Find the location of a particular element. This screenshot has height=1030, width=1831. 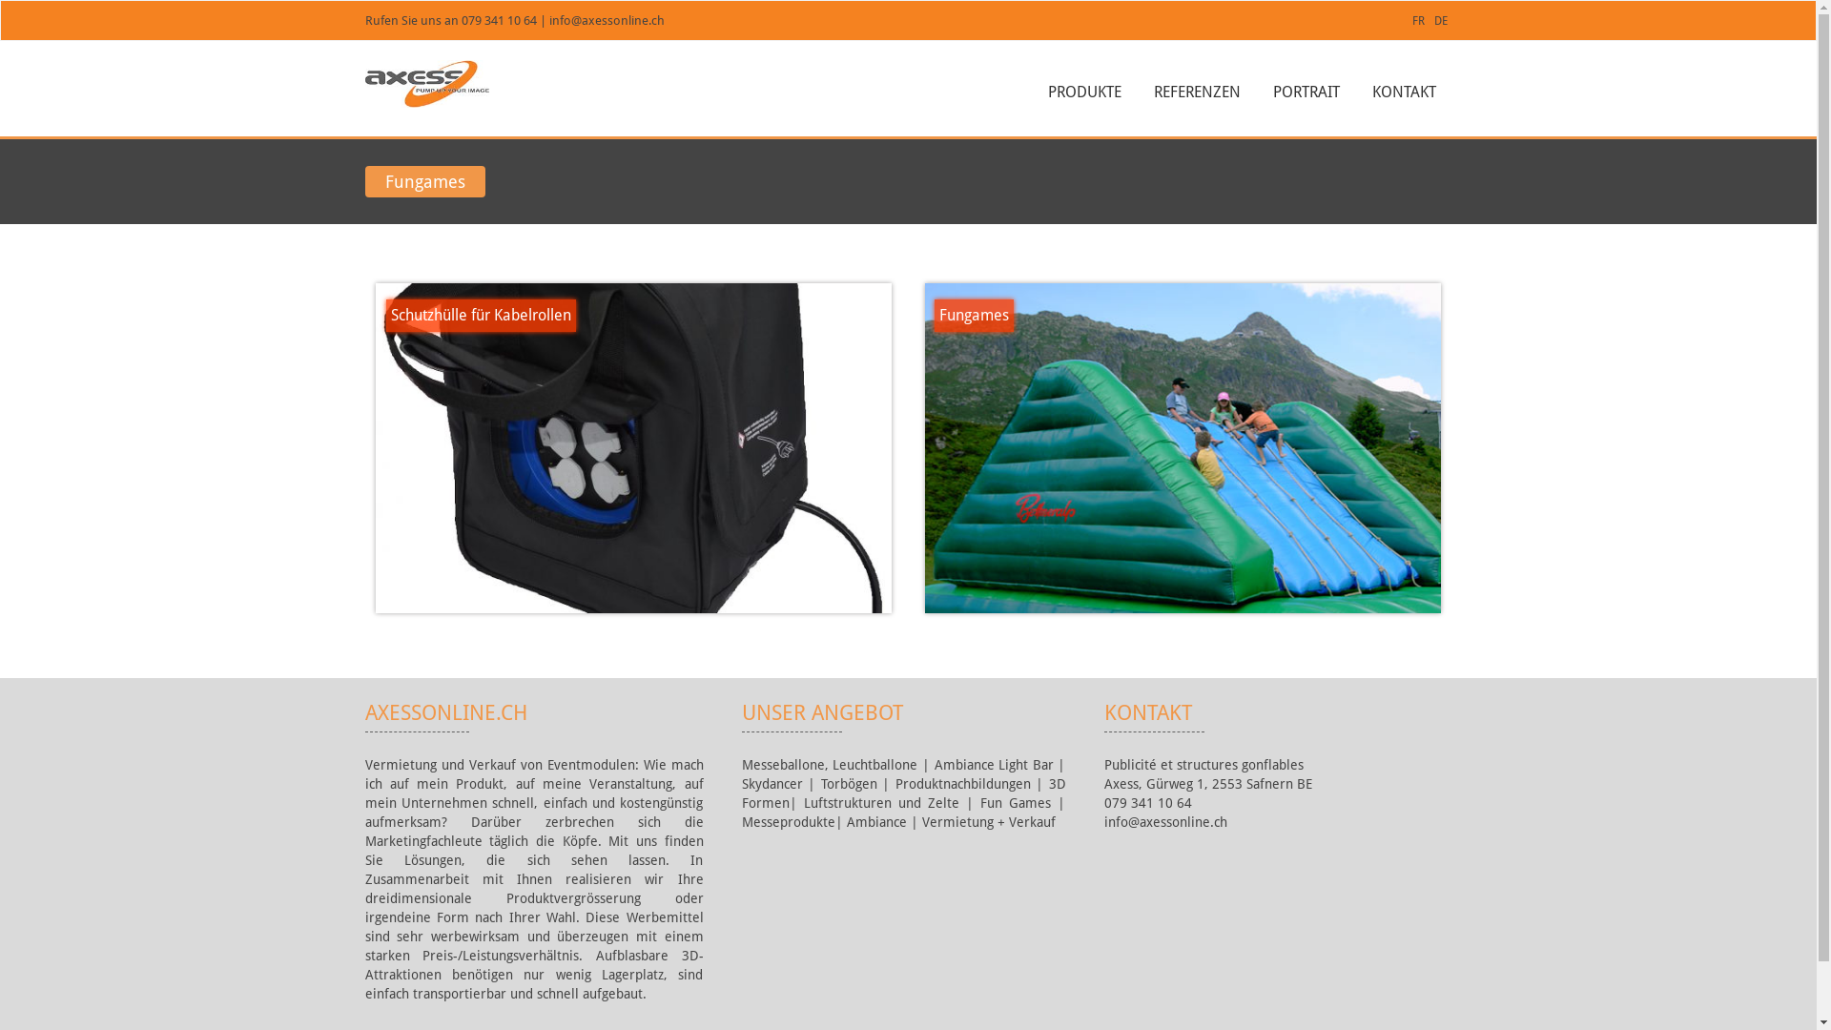

'REFERENZEN' is located at coordinates (1196, 92).